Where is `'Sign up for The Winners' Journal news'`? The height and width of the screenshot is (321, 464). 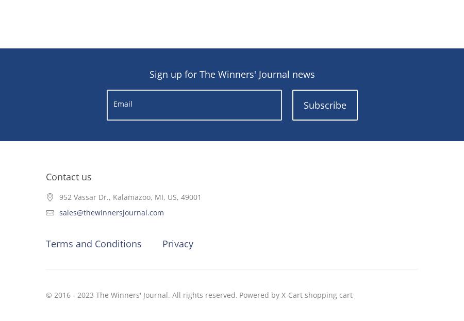 'Sign up for The Winners' Journal news' is located at coordinates (231, 74).